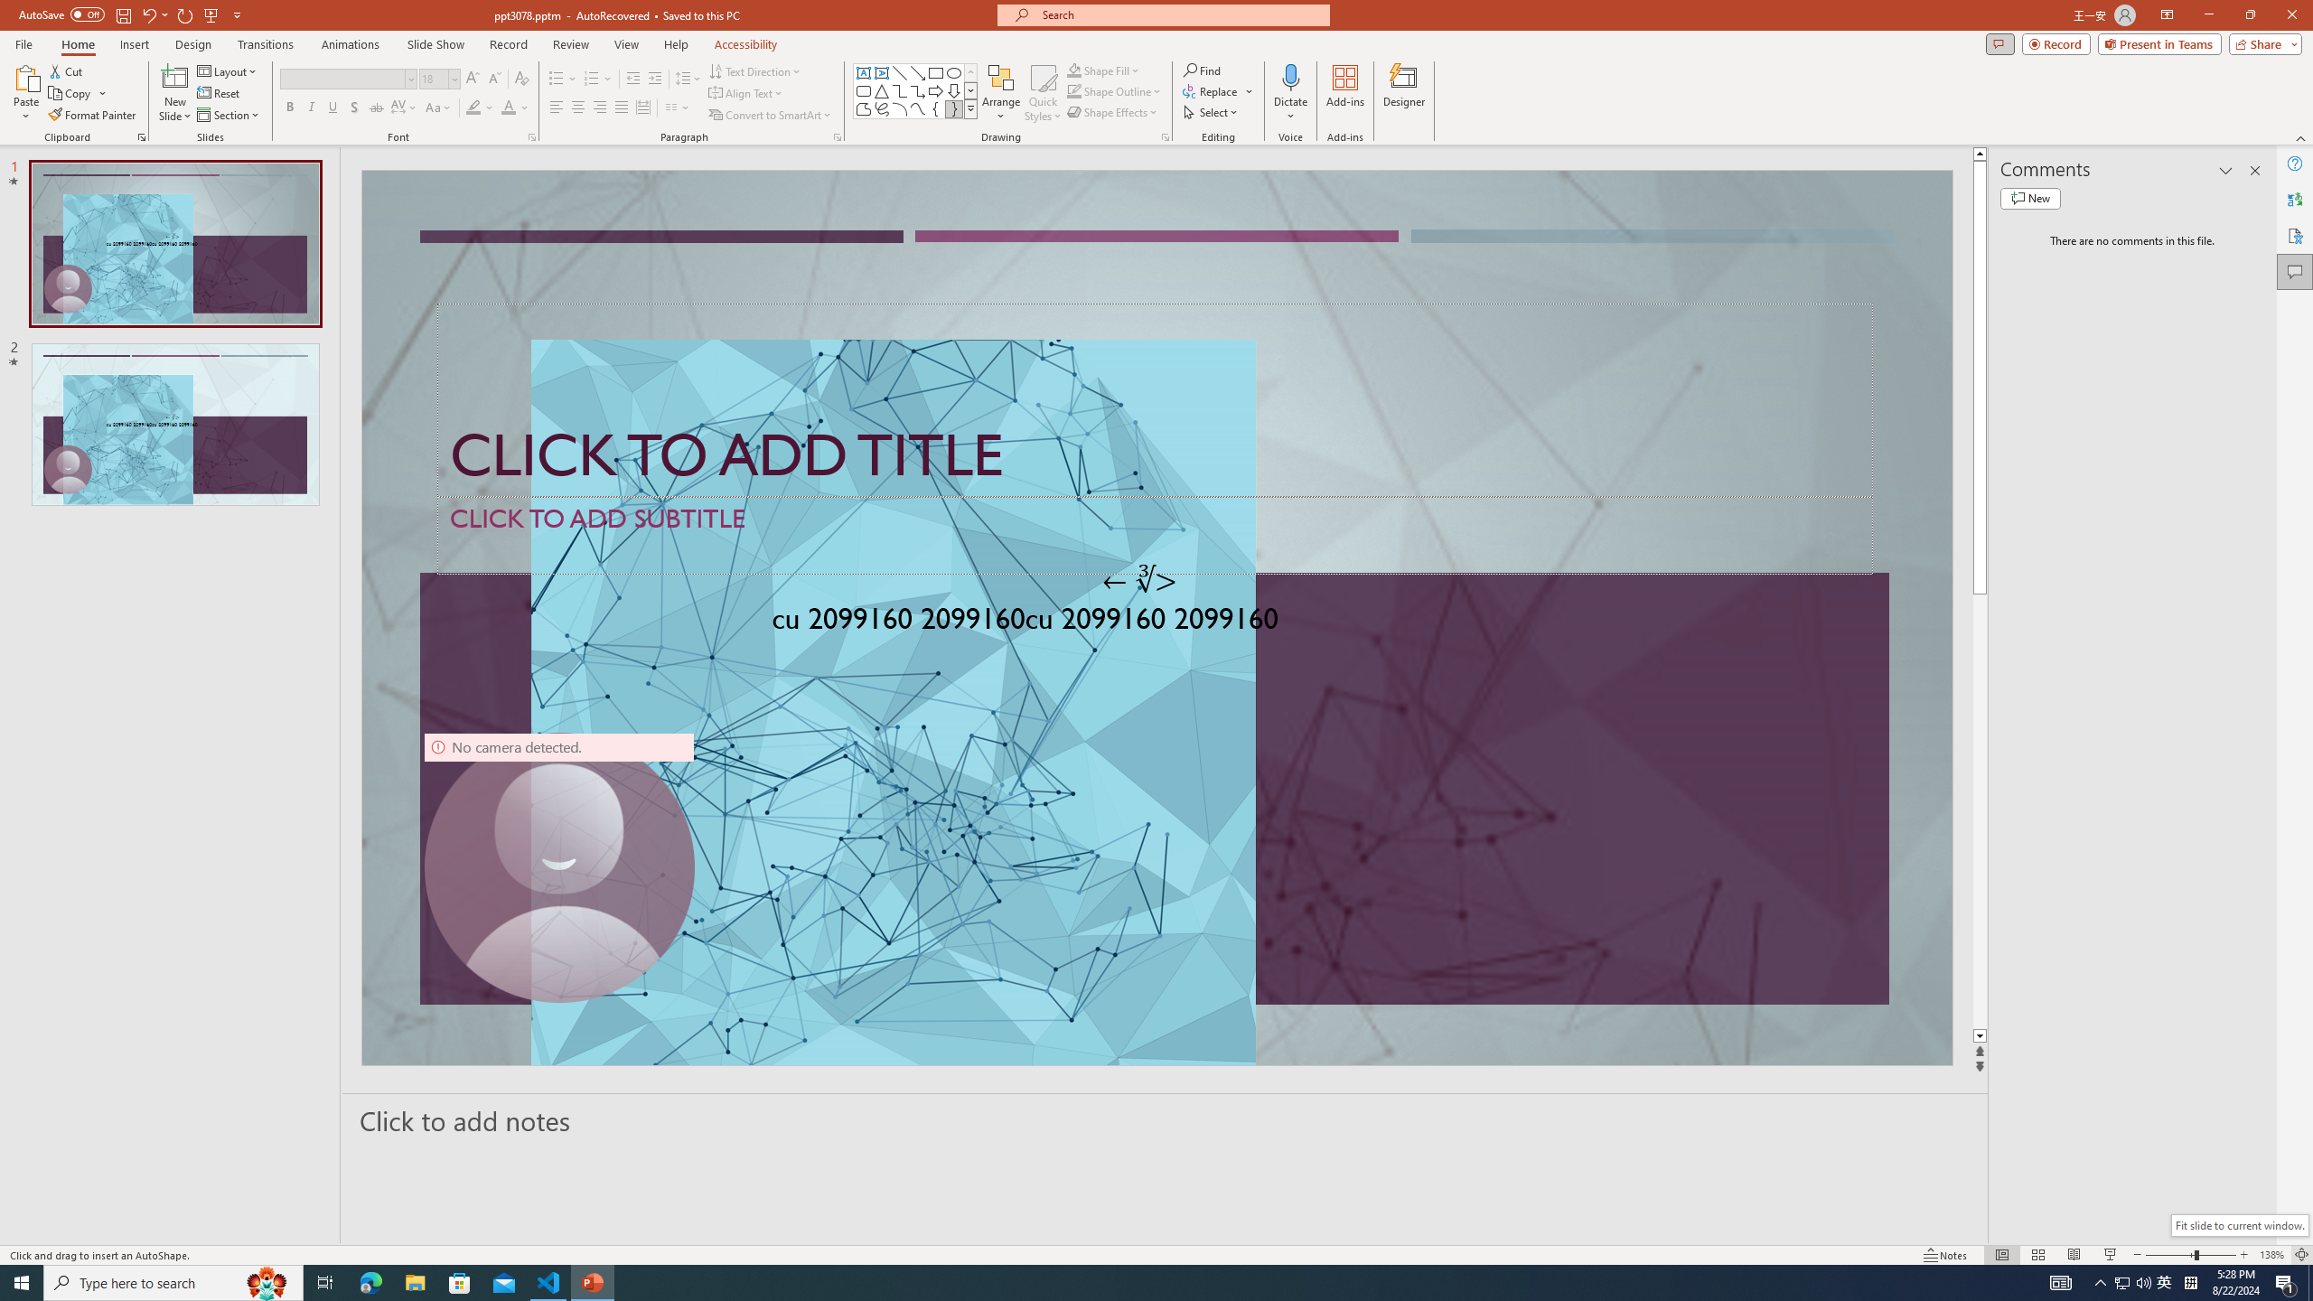 This screenshot has width=2313, height=1301. Describe the element at coordinates (1154, 534) in the screenshot. I see `'Subtitle TextBox'` at that location.